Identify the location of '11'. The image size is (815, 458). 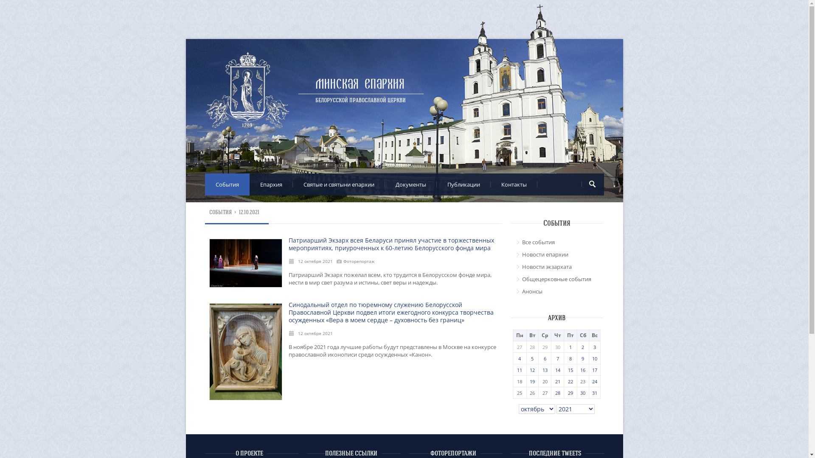
(519, 369).